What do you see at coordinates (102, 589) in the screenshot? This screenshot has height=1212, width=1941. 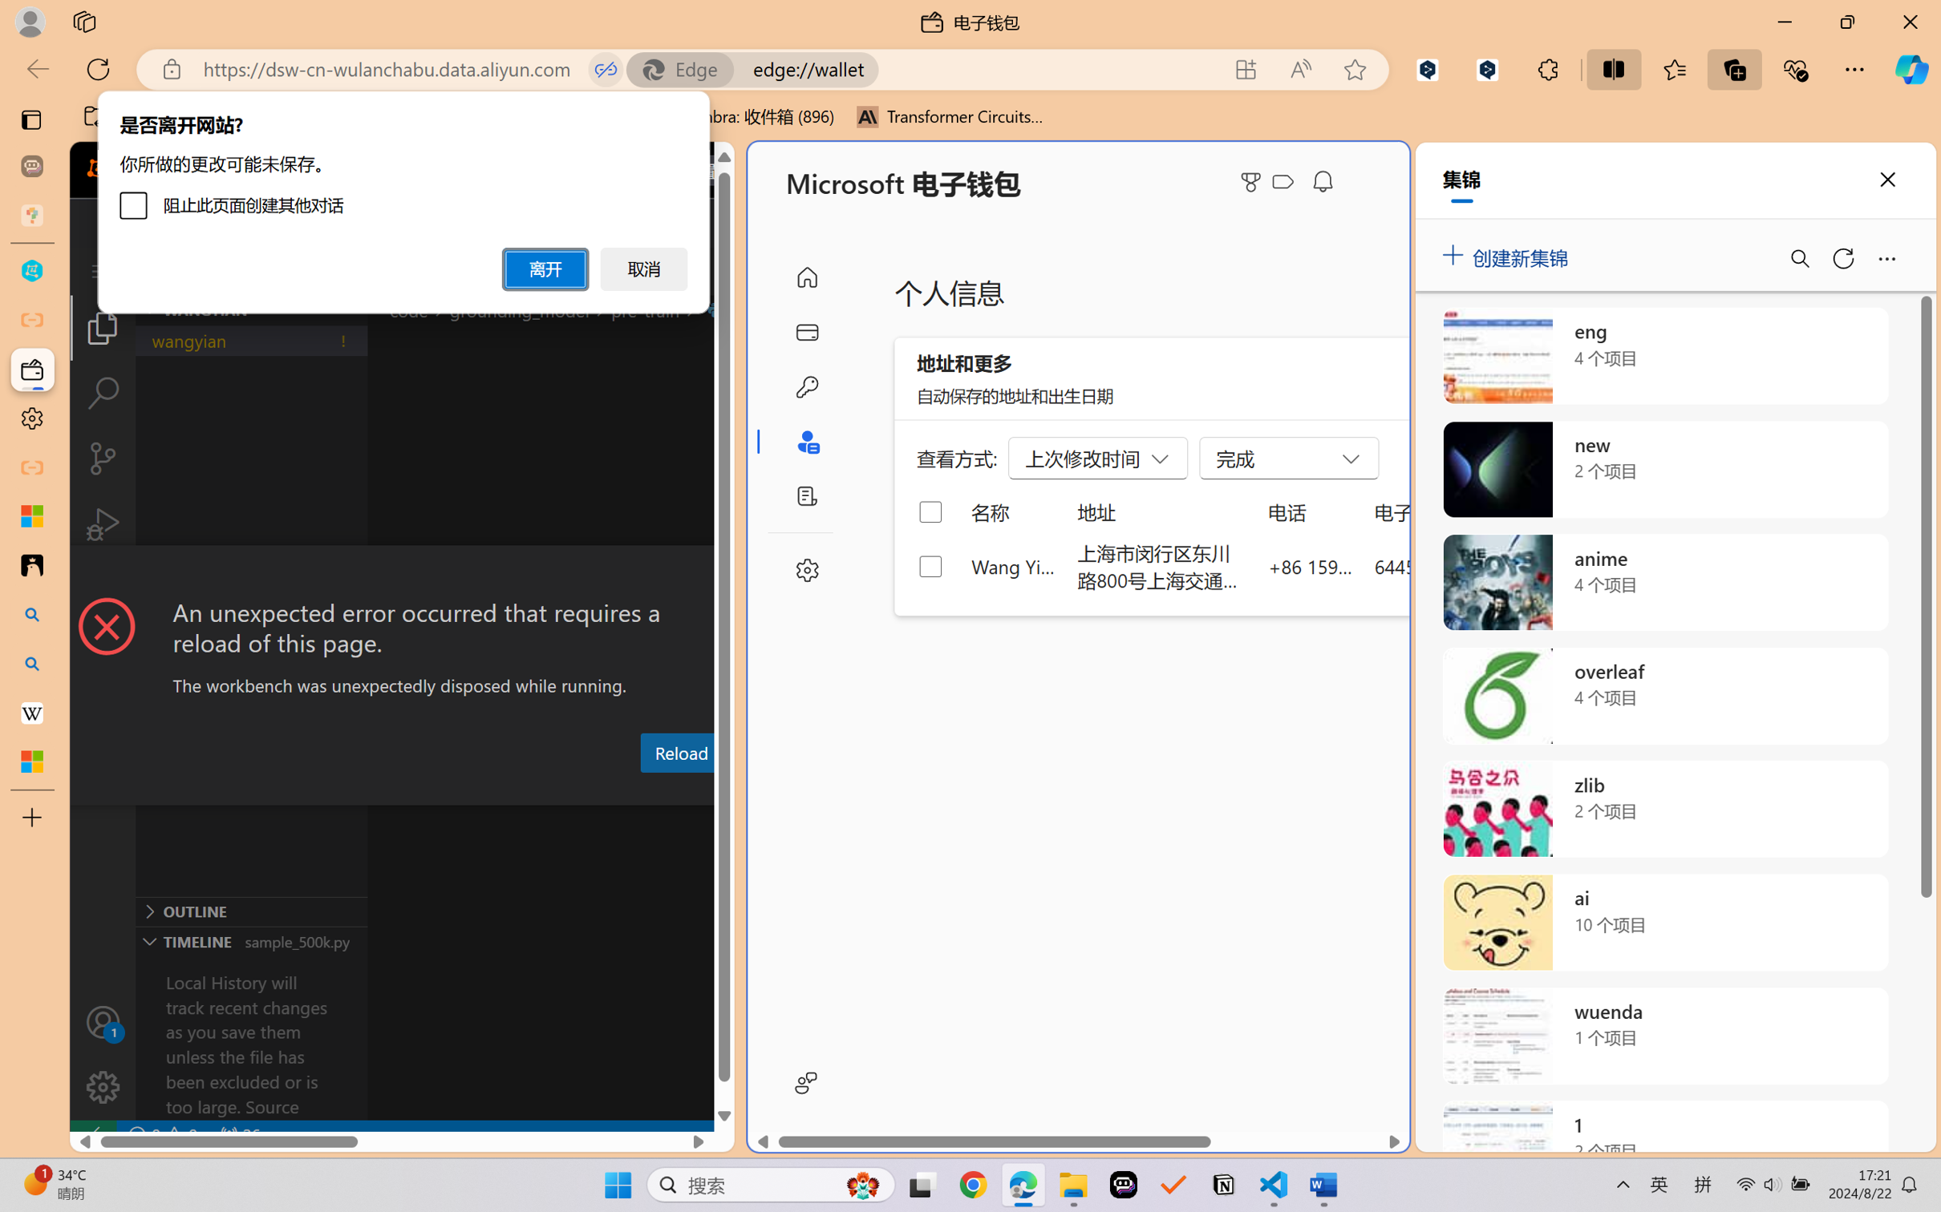 I see `'Extensions (Ctrl+Shift+X)'` at bounding box center [102, 589].